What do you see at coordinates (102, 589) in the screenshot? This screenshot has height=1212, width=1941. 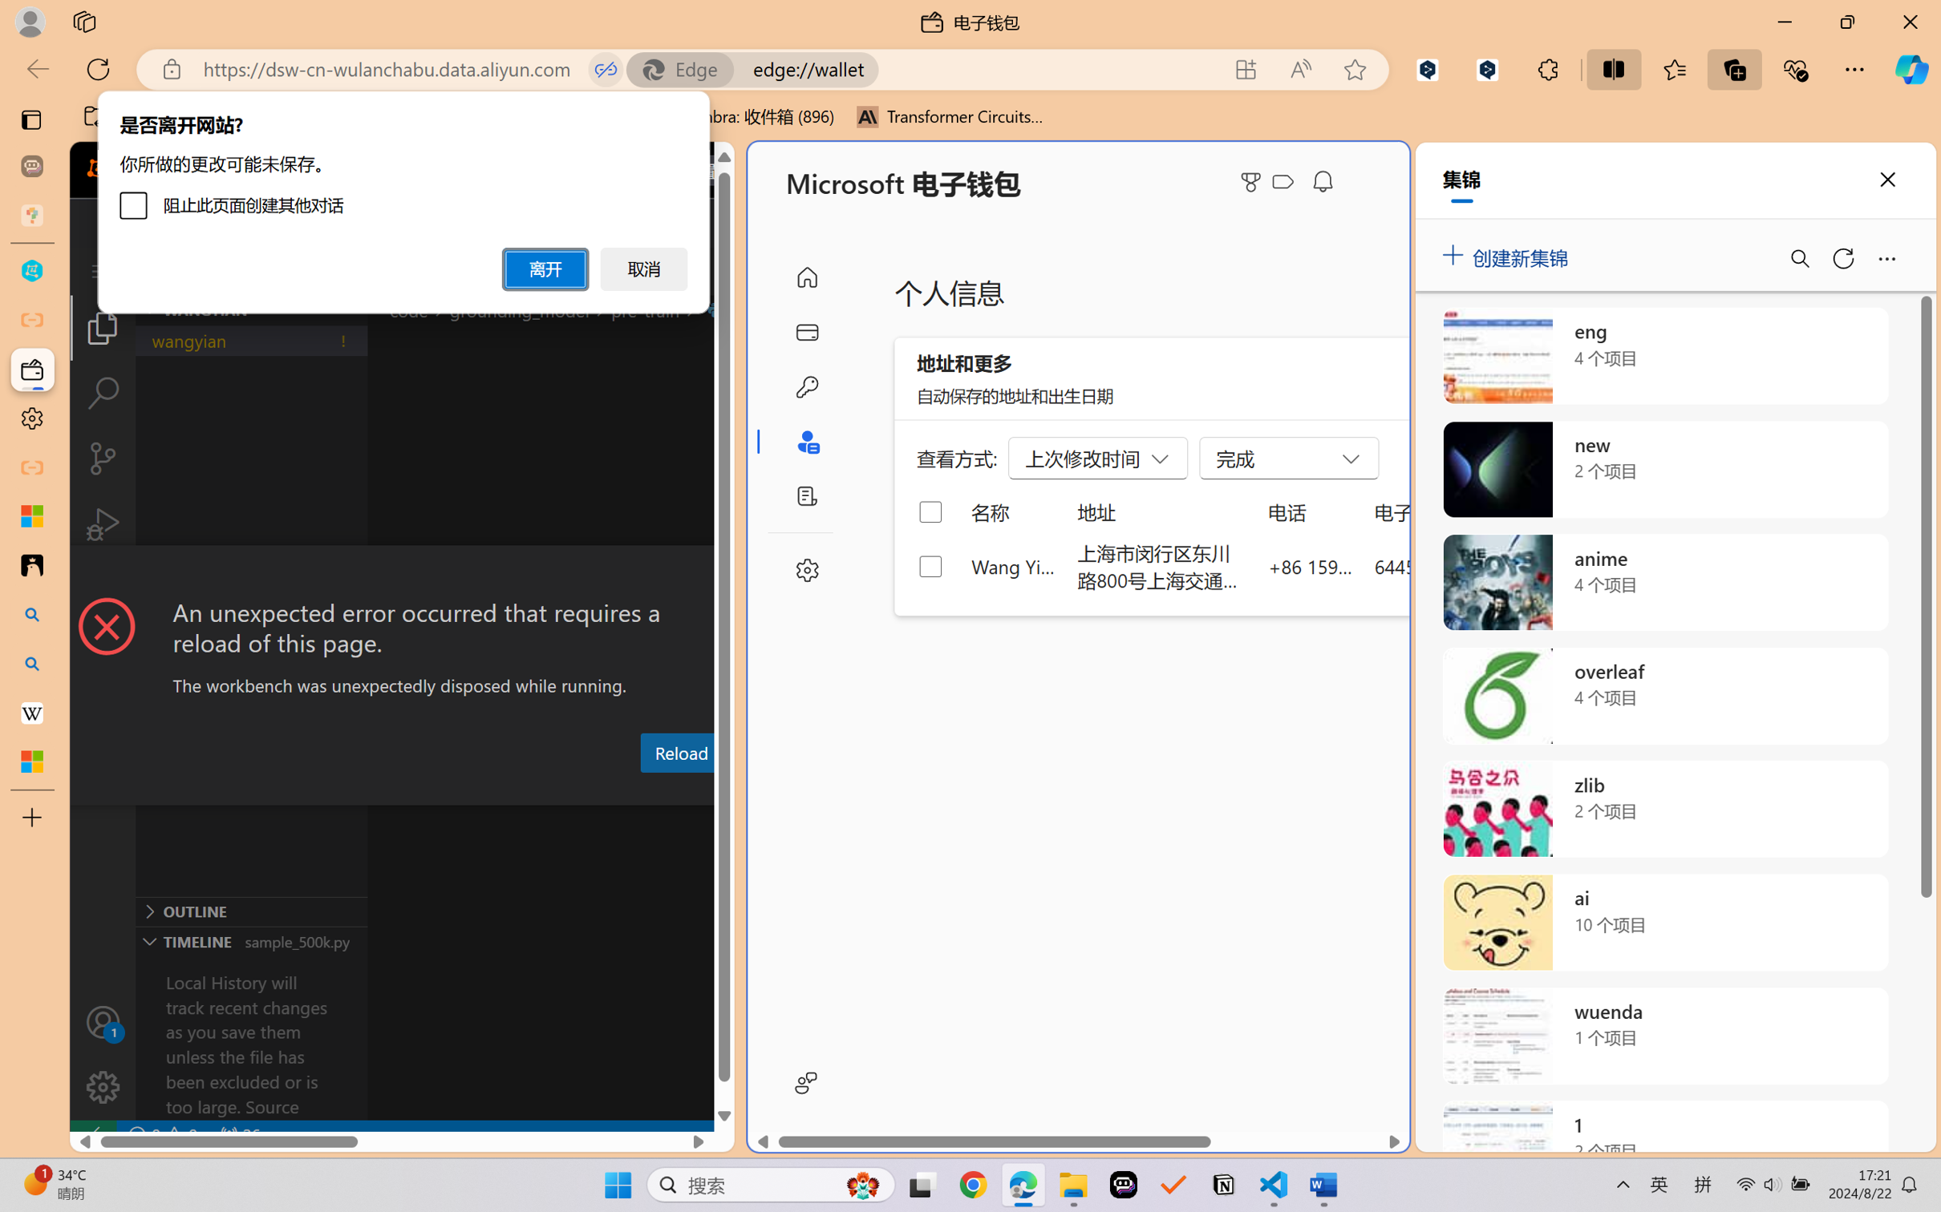 I see `'Extensions (Ctrl+Shift+X)'` at bounding box center [102, 589].